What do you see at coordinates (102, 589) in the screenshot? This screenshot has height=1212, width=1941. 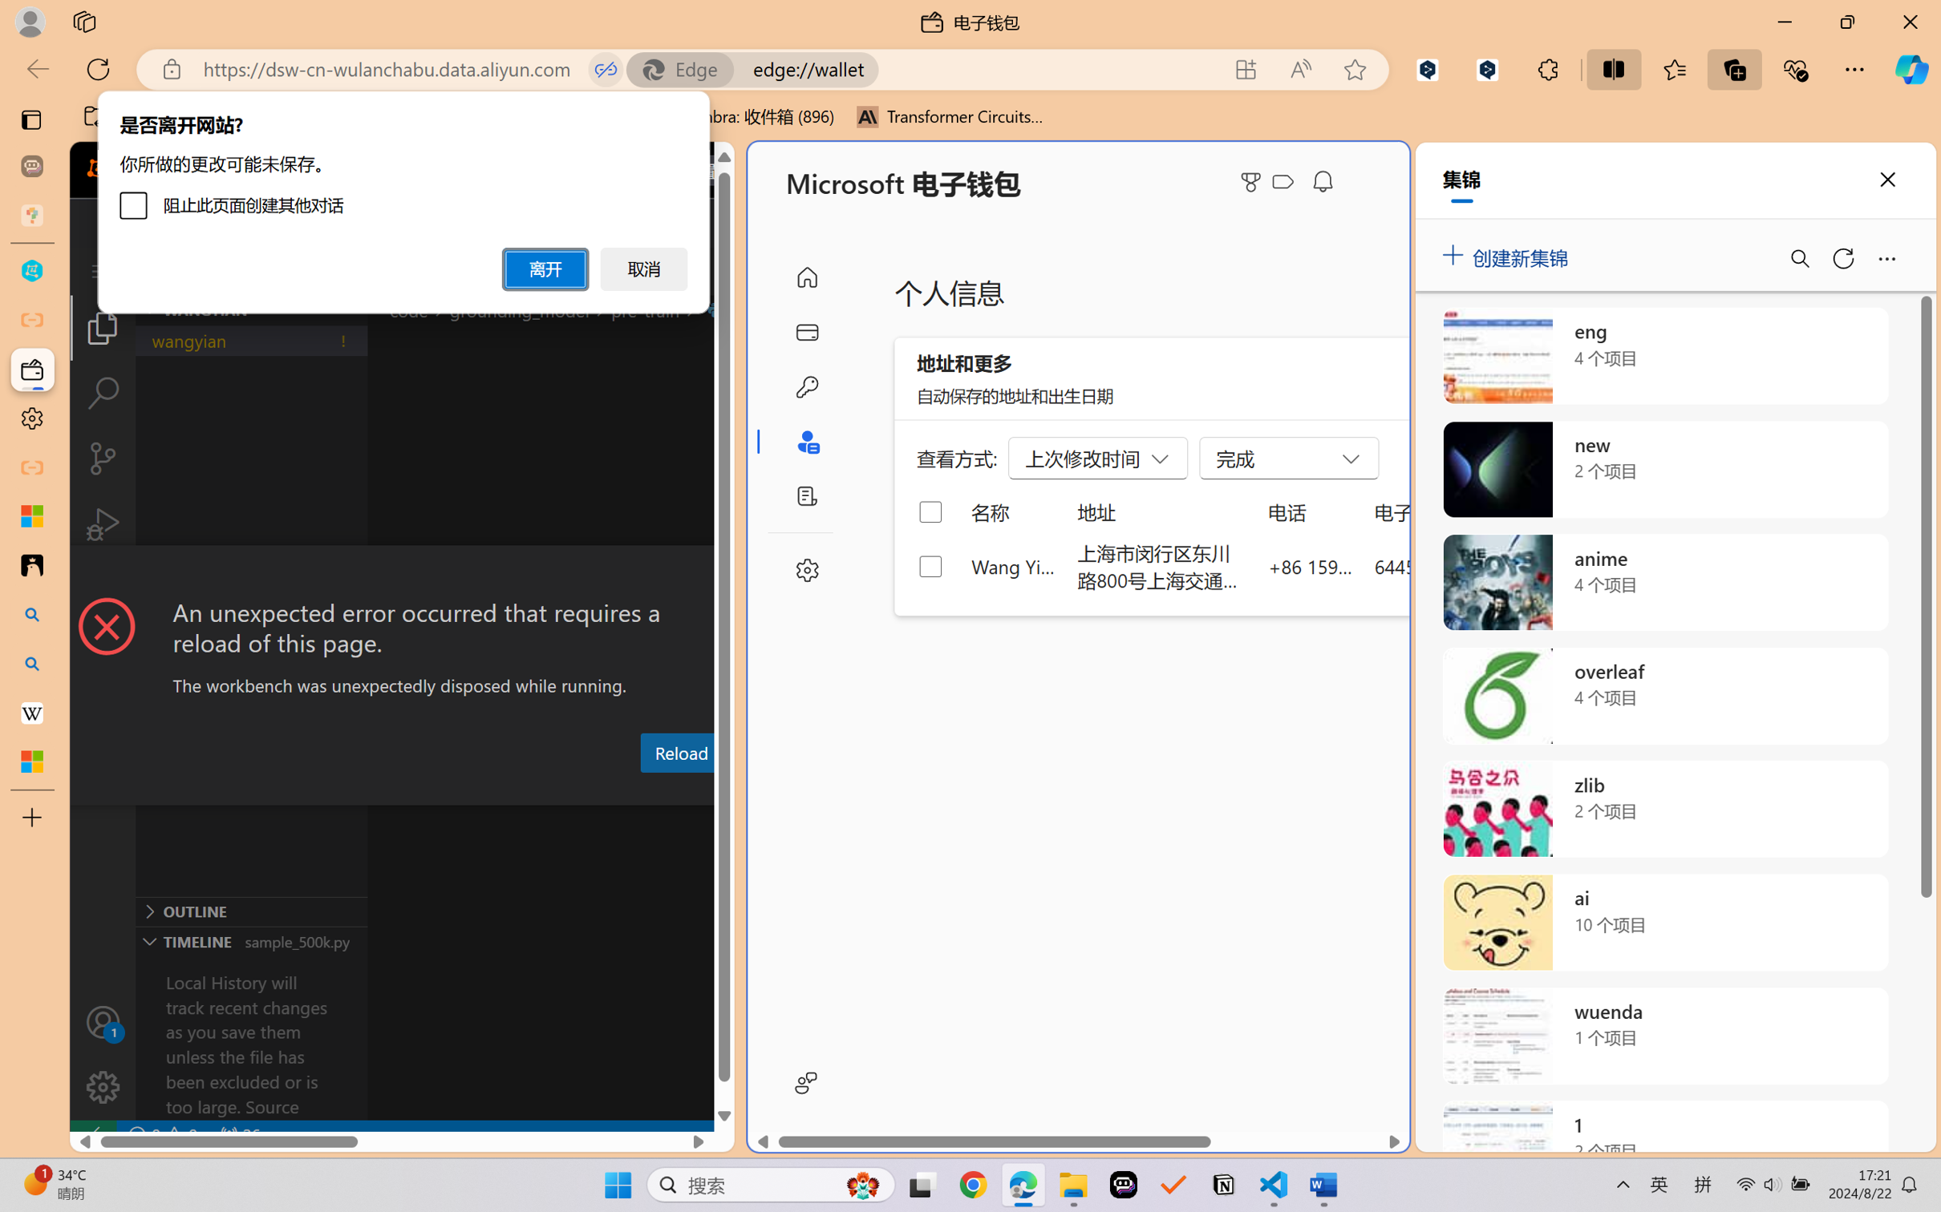 I see `'Extensions (Ctrl+Shift+X)'` at bounding box center [102, 589].